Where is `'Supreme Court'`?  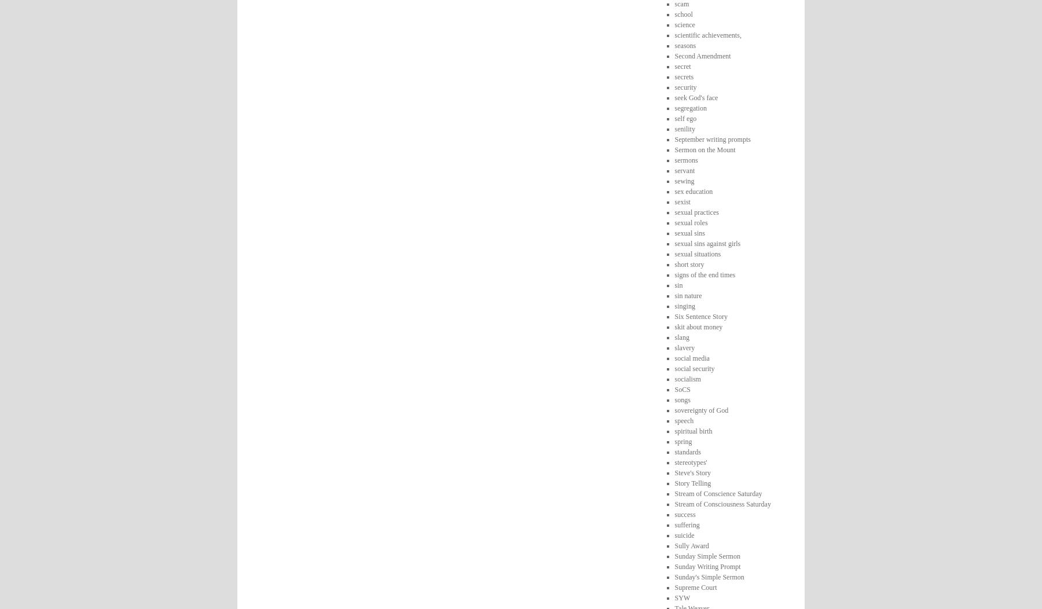 'Supreme Court' is located at coordinates (695, 586).